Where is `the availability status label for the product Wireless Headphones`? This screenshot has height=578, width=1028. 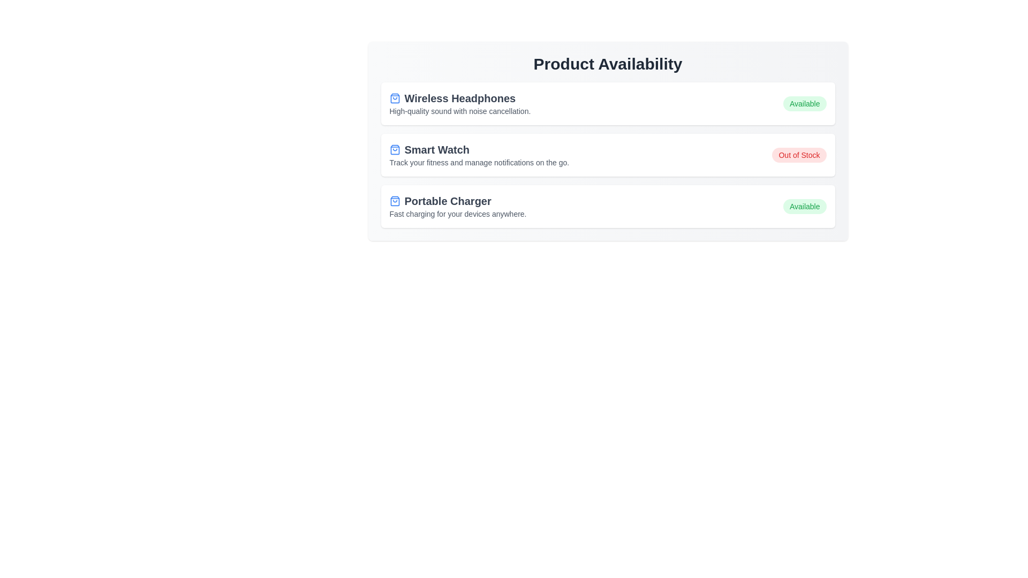 the availability status label for the product Wireless Headphones is located at coordinates (805, 103).